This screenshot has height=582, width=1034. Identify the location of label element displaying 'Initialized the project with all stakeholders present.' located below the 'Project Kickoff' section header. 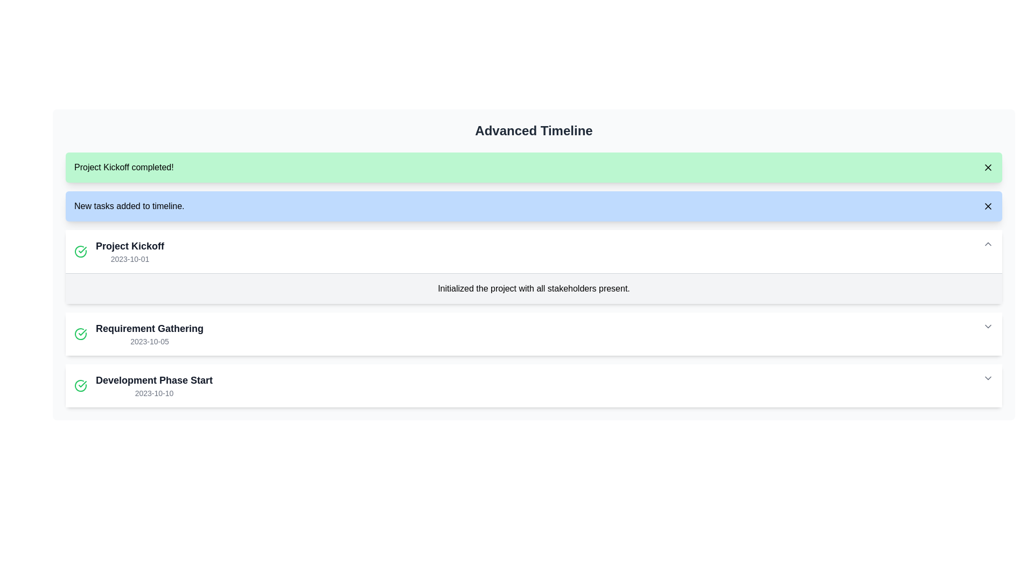
(534, 288).